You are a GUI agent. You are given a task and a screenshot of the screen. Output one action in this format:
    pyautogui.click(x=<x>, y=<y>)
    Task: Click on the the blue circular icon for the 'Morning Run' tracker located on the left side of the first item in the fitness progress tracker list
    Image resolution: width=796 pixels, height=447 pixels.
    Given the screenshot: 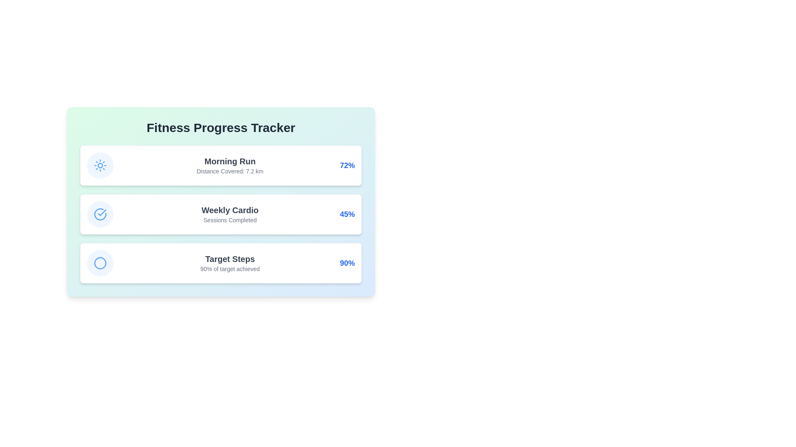 What is the action you would take?
    pyautogui.click(x=99, y=166)
    